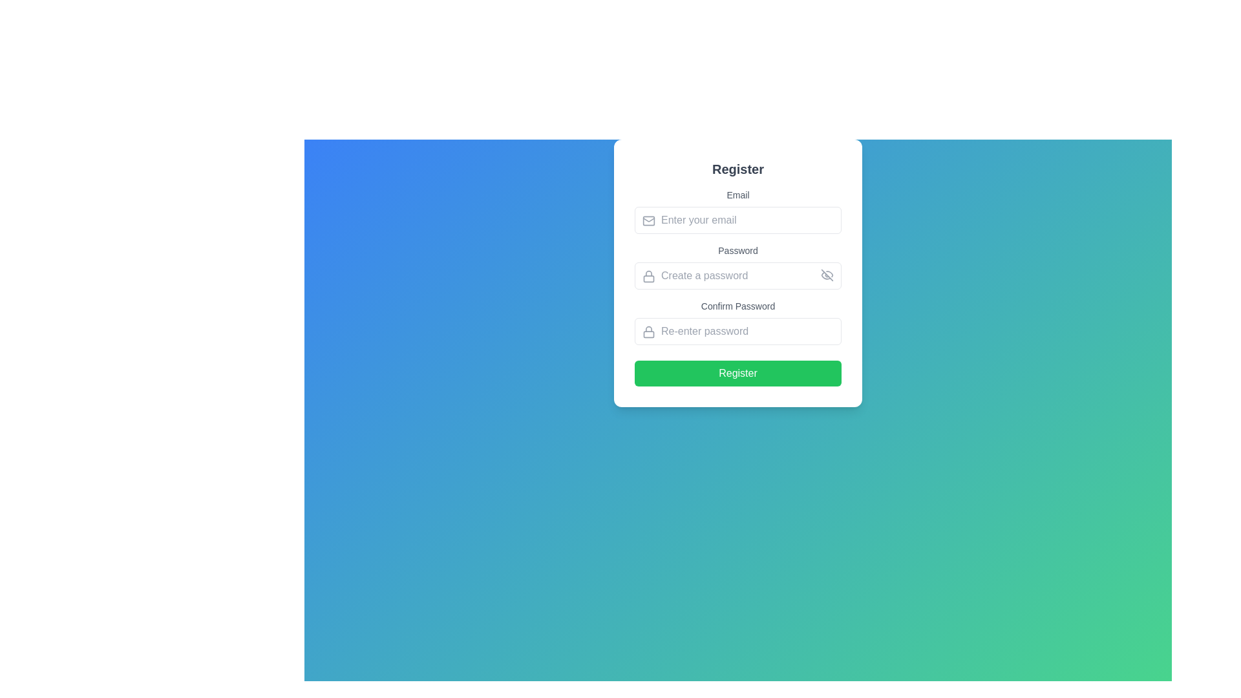  I want to click on the decorative graphic element of the 'eye-off' icon indicating that the password is currently concealed, located to the right of the 'Create a password' field in the 'Register' form, so click(827, 274).